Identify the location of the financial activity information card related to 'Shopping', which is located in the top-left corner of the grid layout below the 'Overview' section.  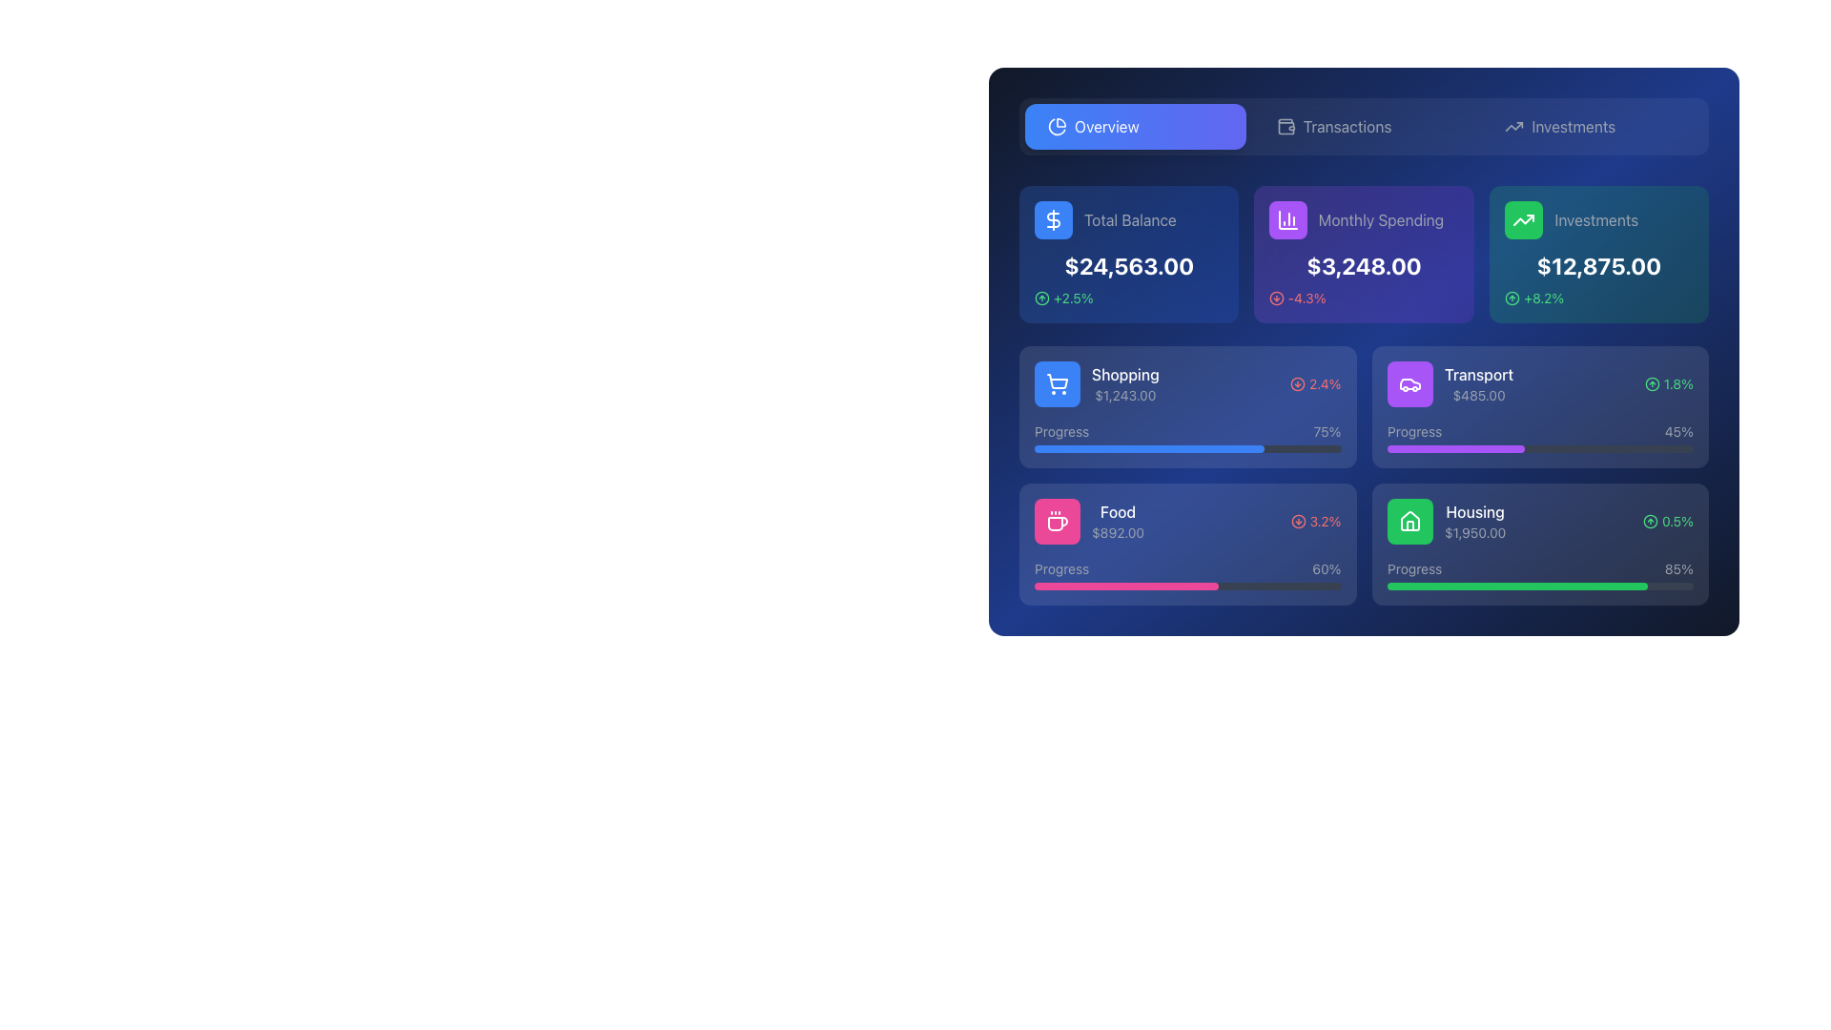
(1186, 406).